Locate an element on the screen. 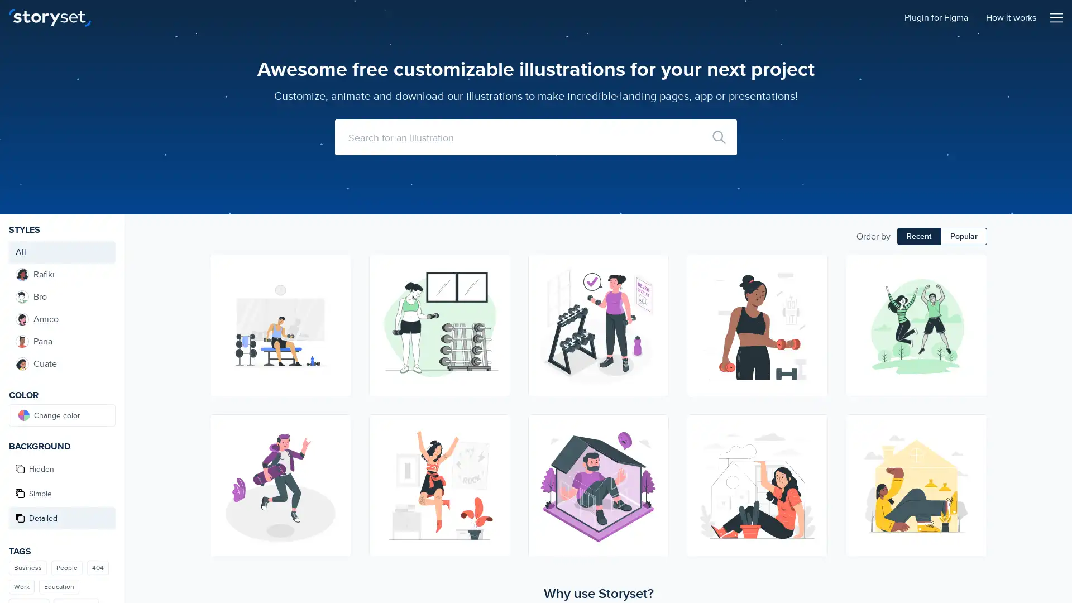 The width and height of the screenshot is (1072, 603). Popular is located at coordinates (963, 236).